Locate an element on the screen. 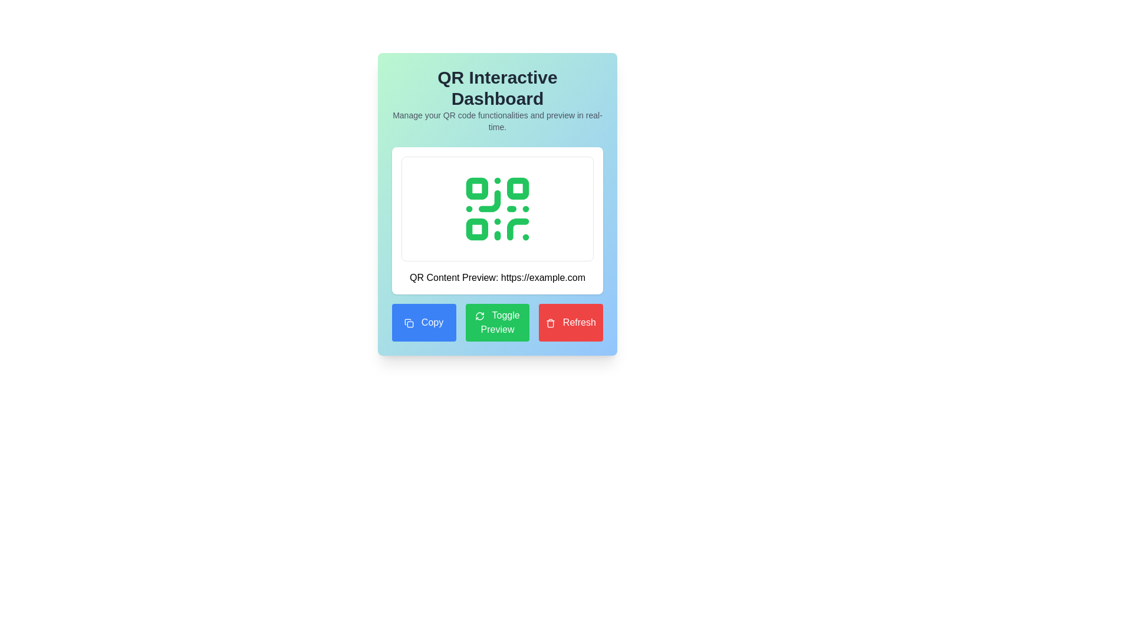  the middle button that toggles or previews the QR code functionality in the interactive dashboard is located at coordinates (498, 322).